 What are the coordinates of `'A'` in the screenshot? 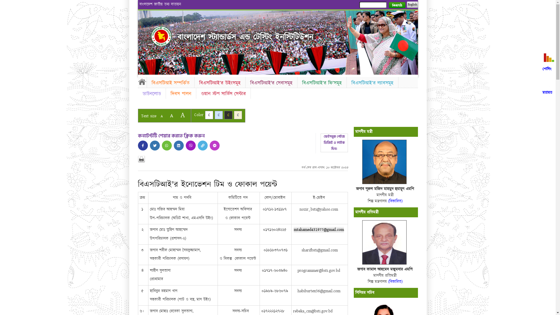 It's located at (182, 115).